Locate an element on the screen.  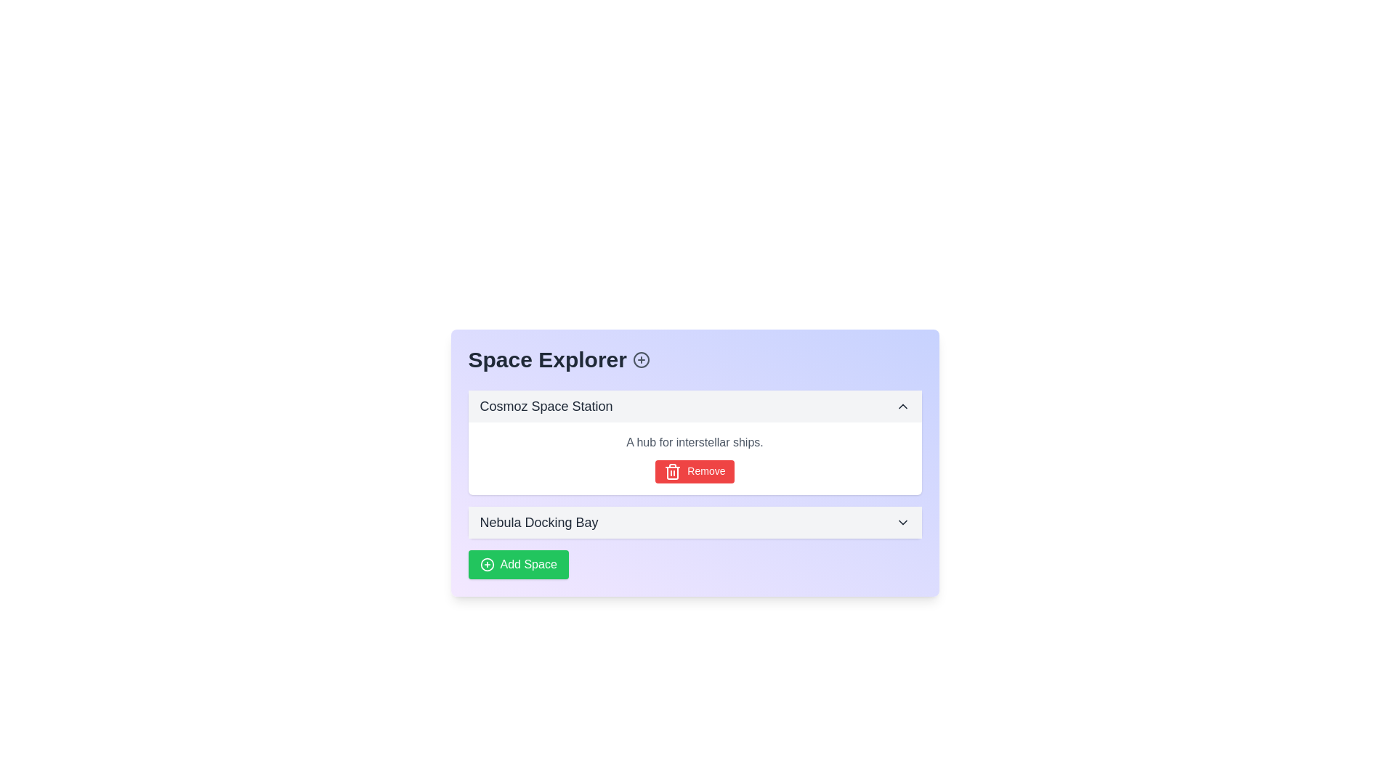
the trash icon with a red background located to the left of the 'Remove' button text in the 'Cosmoz Space Station' panel is located at coordinates (672, 472).